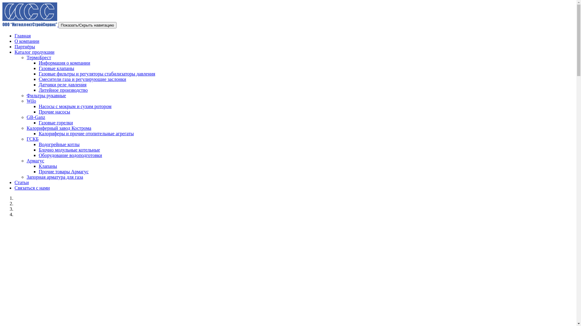 This screenshot has width=581, height=326. I want to click on 'GB-Ganz', so click(35, 117).